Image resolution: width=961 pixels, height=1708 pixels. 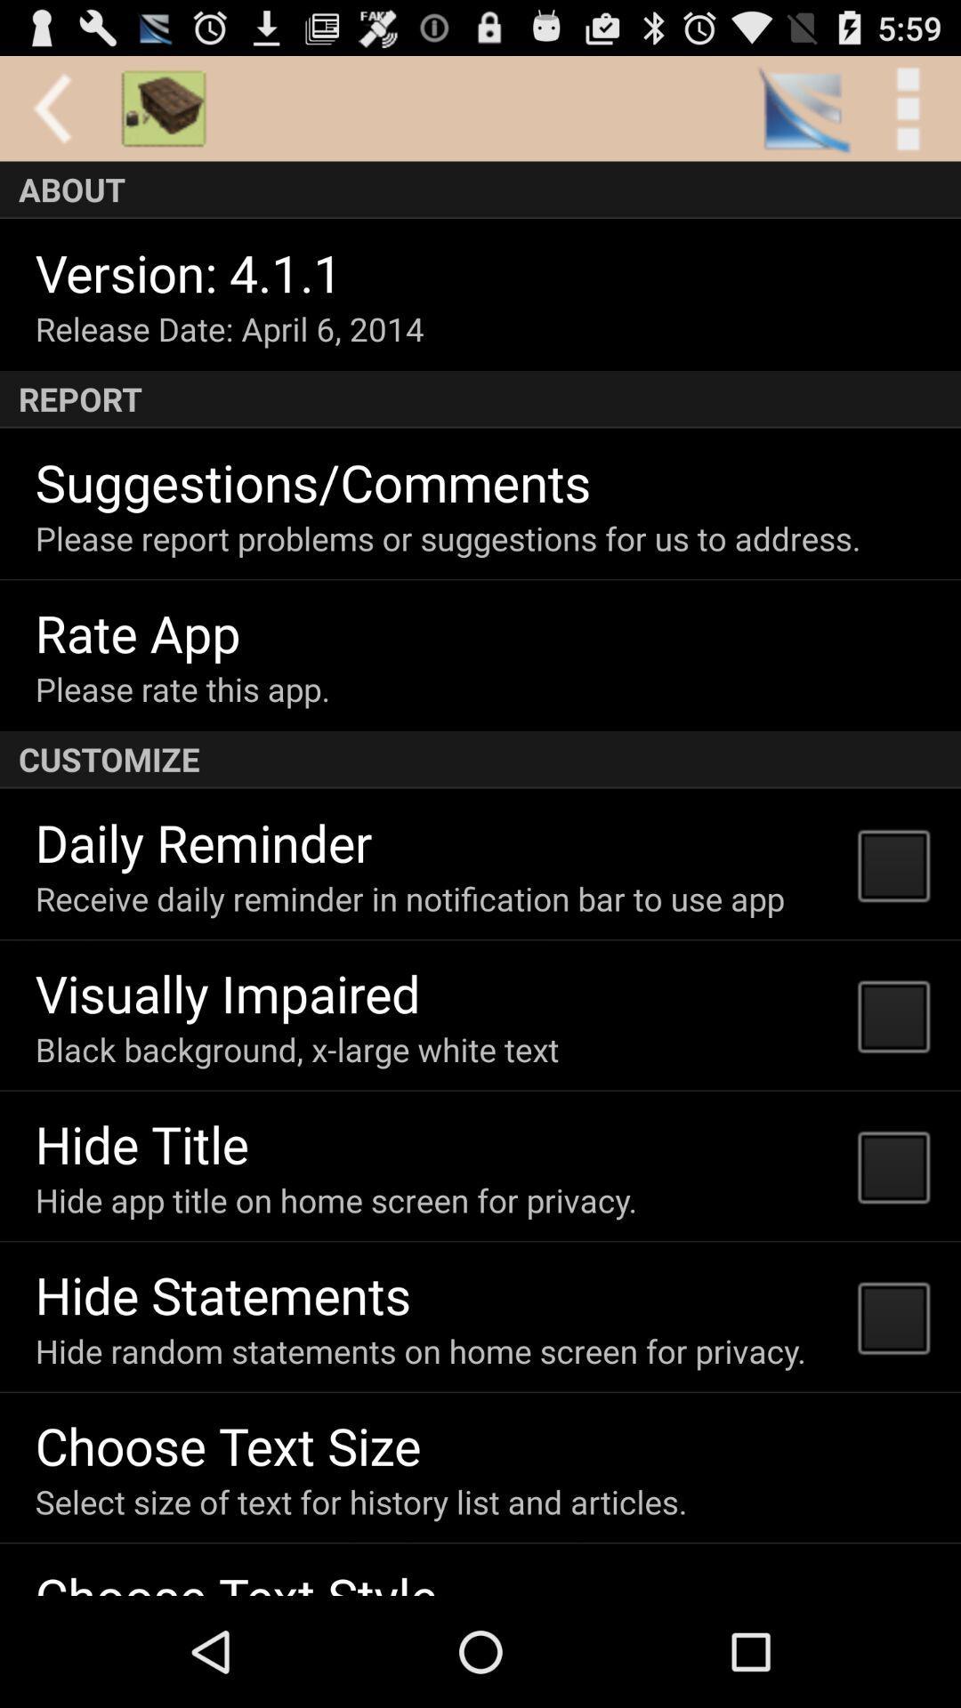 I want to click on the customize app, so click(x=480, y=760).